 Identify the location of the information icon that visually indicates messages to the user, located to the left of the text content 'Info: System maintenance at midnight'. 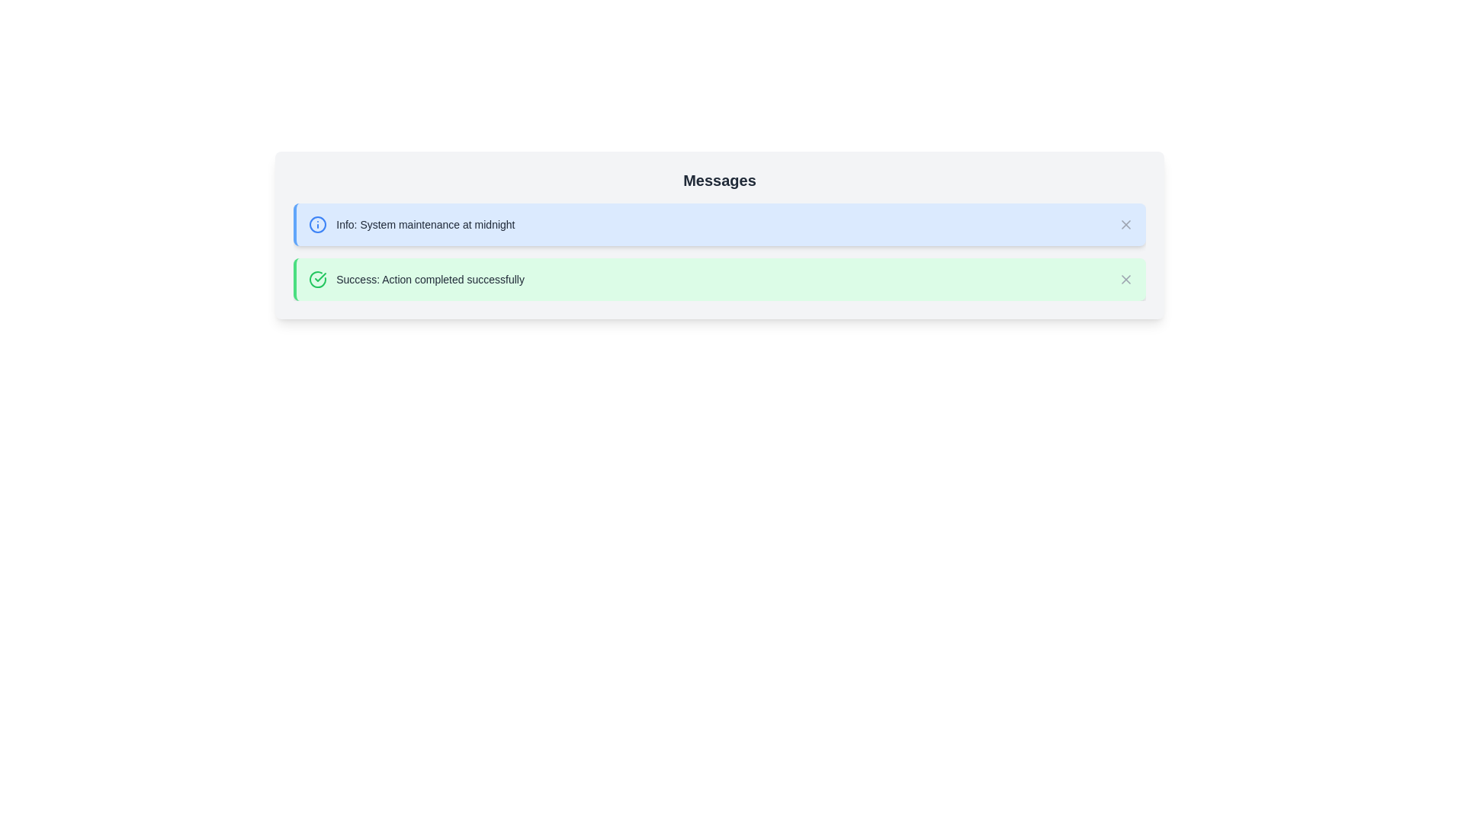
(317, 224).